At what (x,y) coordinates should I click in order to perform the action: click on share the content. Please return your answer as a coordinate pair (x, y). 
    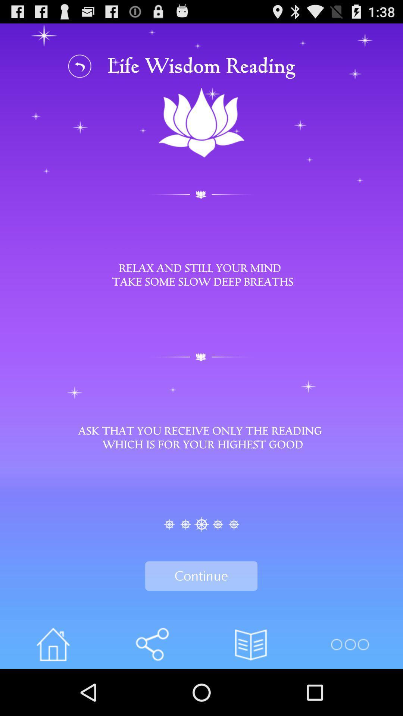
    Looking at the image, I should click on (151, 644).